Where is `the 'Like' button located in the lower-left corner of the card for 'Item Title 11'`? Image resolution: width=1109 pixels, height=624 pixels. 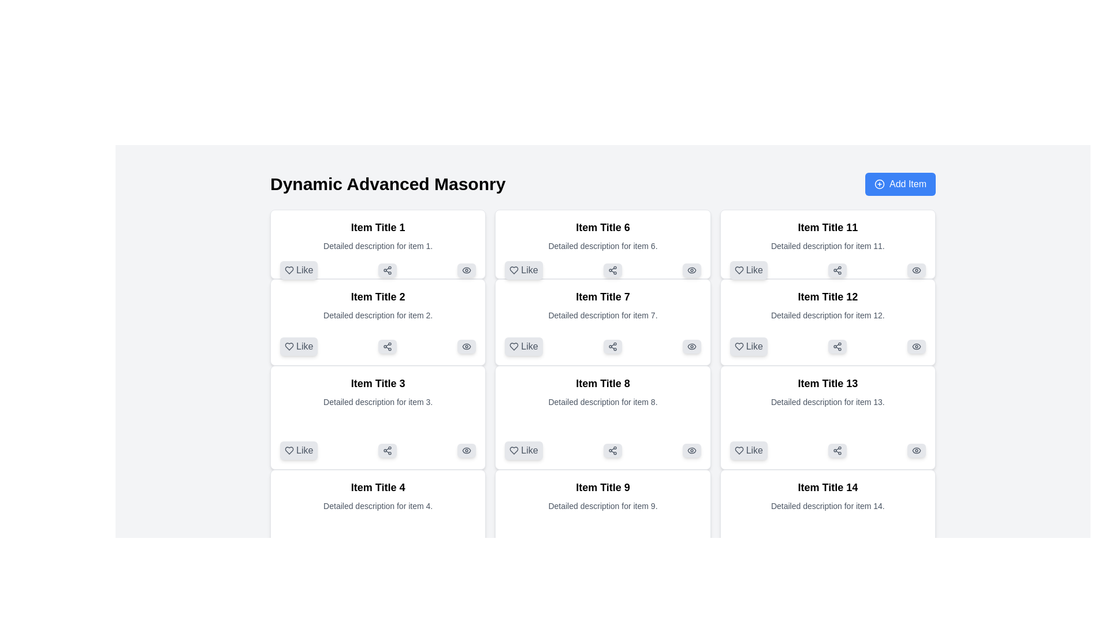
the 'Like' button located in the lower-left corner of the card for 'Item Title 11' is located at coordinates (749, 270).